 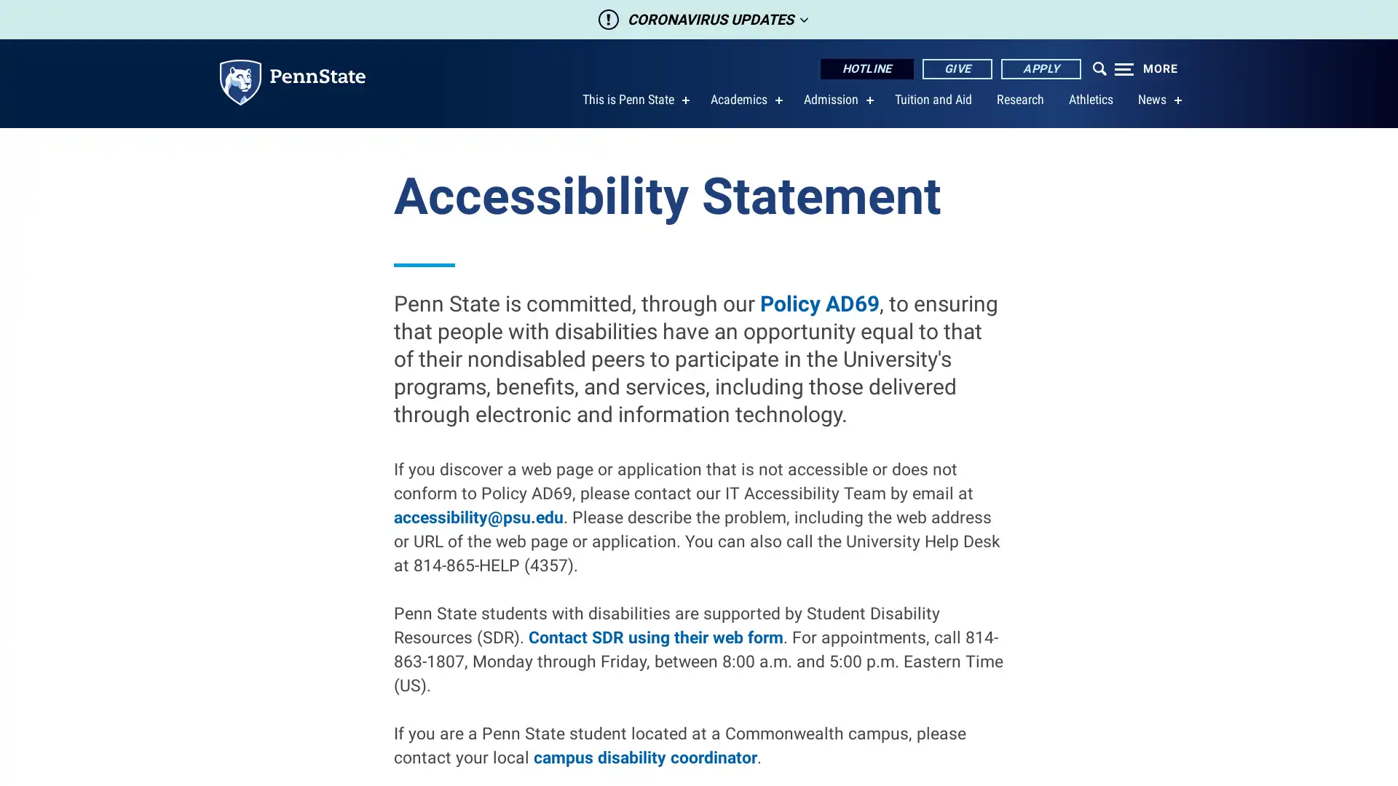 I want to click on Open menu which contains search, so click(x=1099, y=67).